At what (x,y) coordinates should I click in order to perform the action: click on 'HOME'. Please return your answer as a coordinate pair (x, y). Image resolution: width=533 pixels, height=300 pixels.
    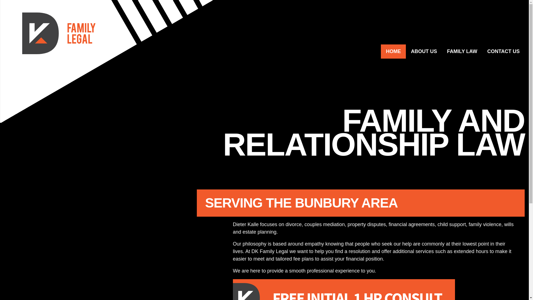
    Looking at the image, I should click on (381, 51).